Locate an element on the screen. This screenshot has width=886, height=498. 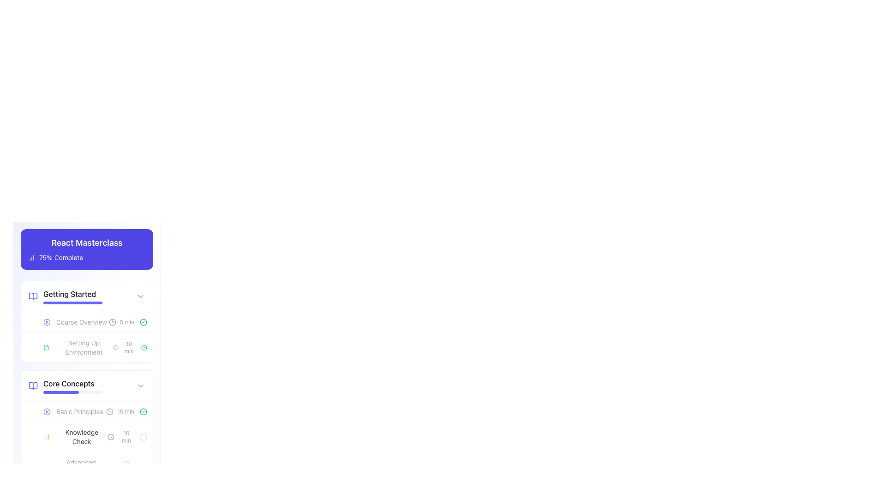
the 'Knowledge Check' list item in the 'Core Concepts' section which features a bar chart icon on the left and '10 min' on the right is located at coordinates (87, 436).